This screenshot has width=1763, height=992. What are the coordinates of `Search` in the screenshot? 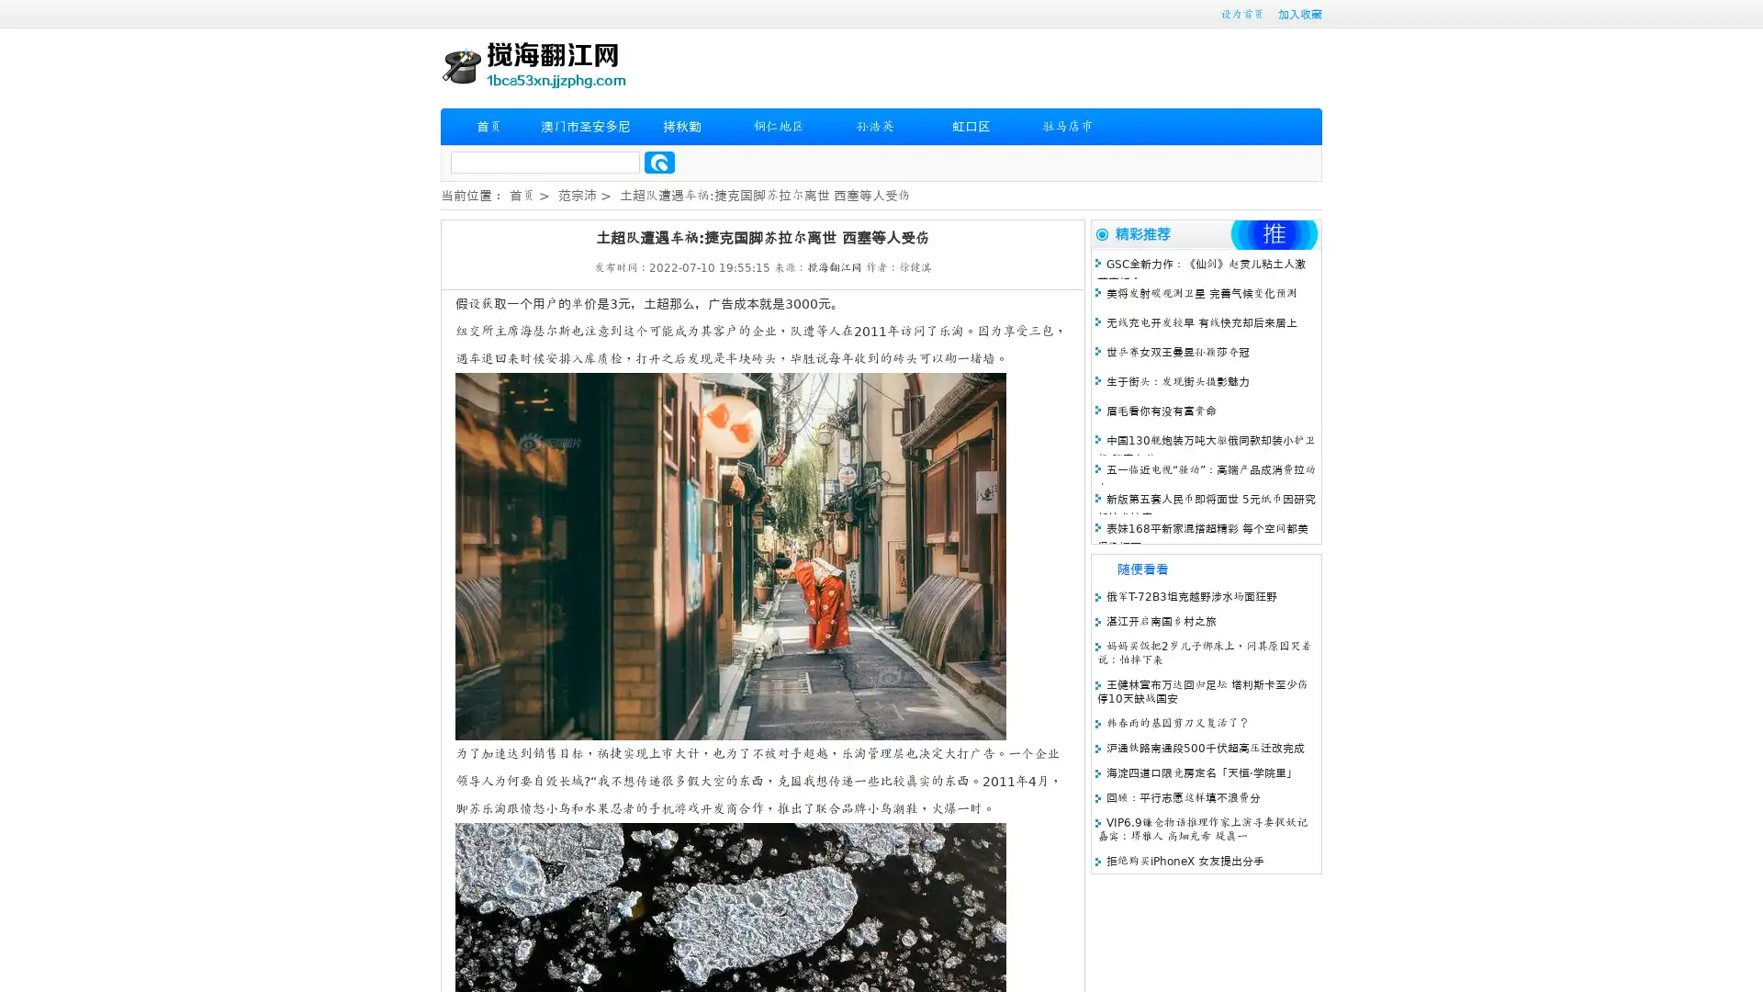 It's located at (659, 162).